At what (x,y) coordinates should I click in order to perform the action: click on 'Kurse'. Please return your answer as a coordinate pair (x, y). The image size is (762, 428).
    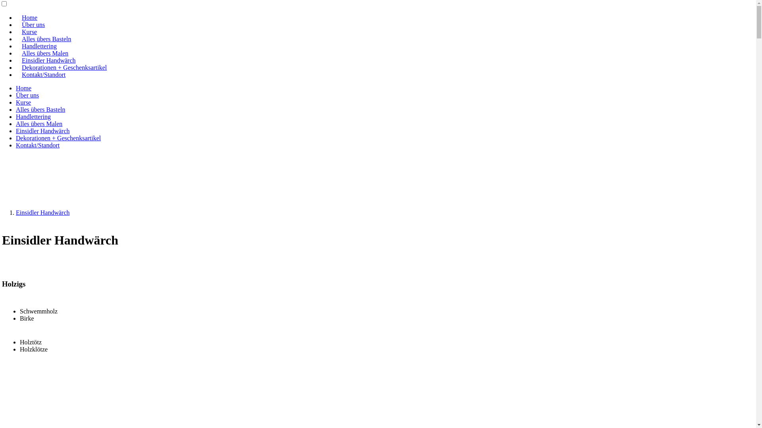
    Looking at the image, I should click on (23, 102).